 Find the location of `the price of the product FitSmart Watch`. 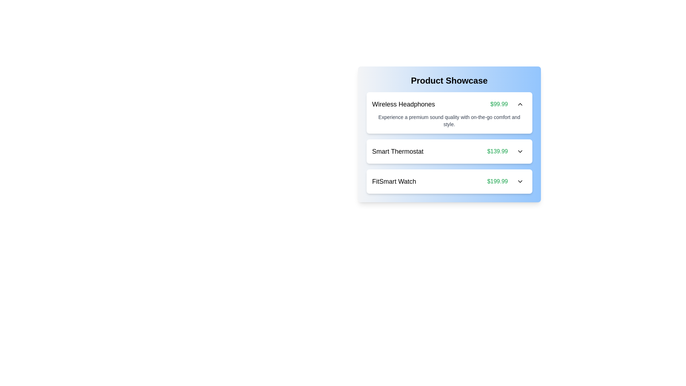

the price of the product FitSmart Watch is located at coordinates (497, 181).